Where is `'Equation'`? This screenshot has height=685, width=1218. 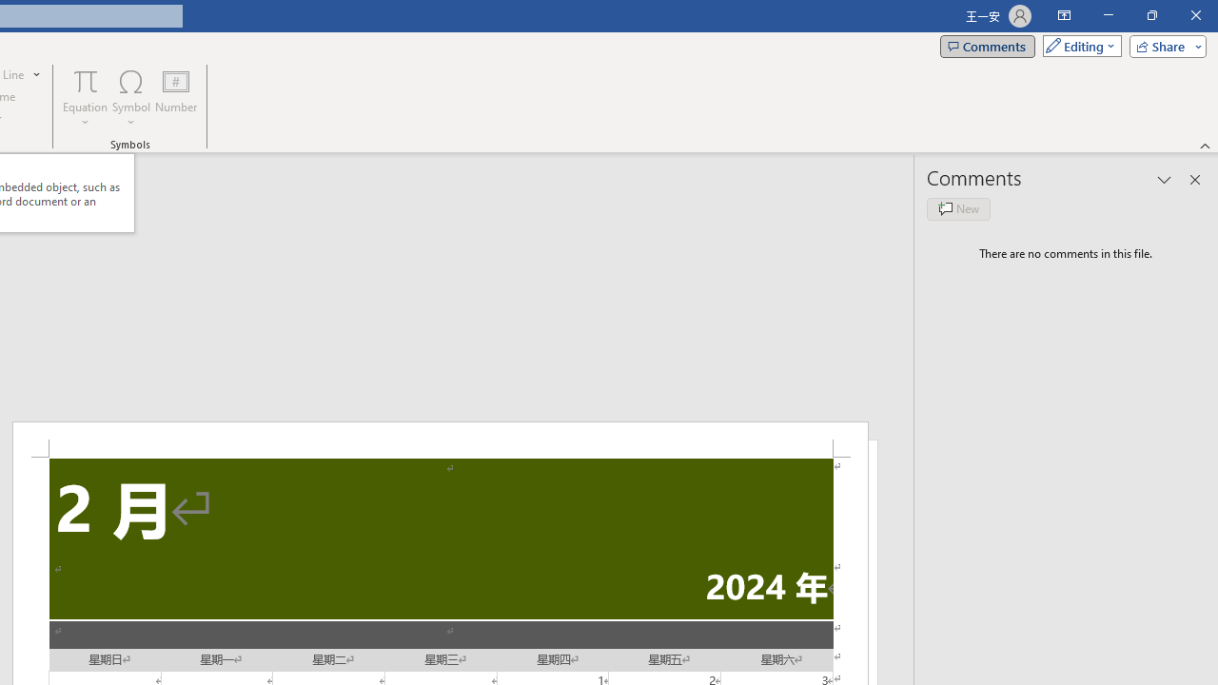
'Equation' is located at coordinates (85, 98).